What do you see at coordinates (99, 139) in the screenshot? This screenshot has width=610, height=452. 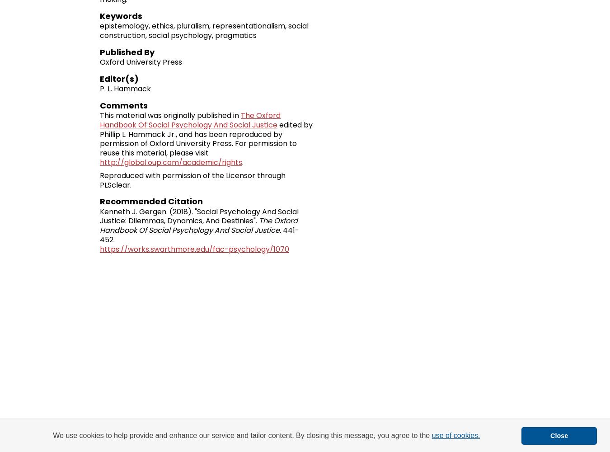 I see `'edited by Phillip L. Hammack Jr., and has been reproduced by permission of Oxford University Press. For permission to reuse this material, please visit'` at bounding box center [99, 139].